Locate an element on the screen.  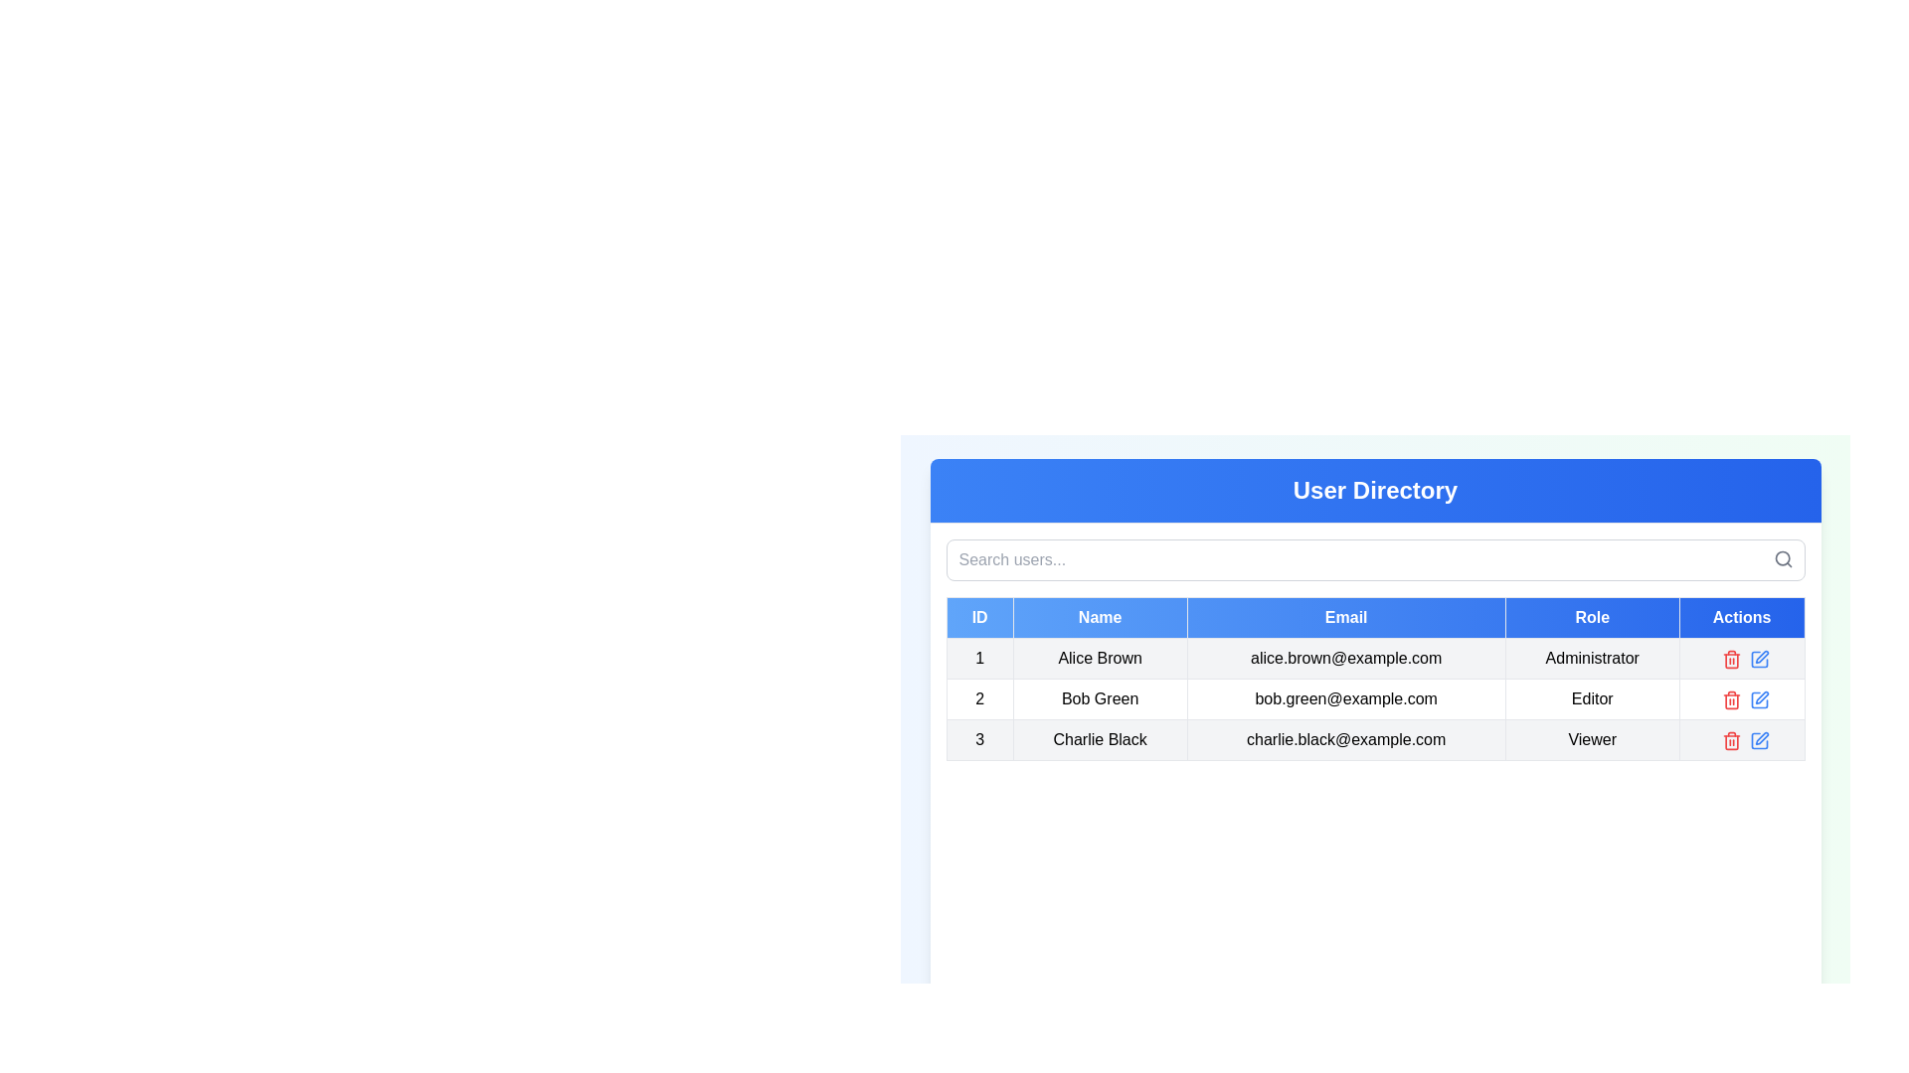
the red trash can button for deletion action located in the 'Actions' column of the second row corresponding to the user with the email 'bob.green@example.com' is located at coordinates (1731, 659).